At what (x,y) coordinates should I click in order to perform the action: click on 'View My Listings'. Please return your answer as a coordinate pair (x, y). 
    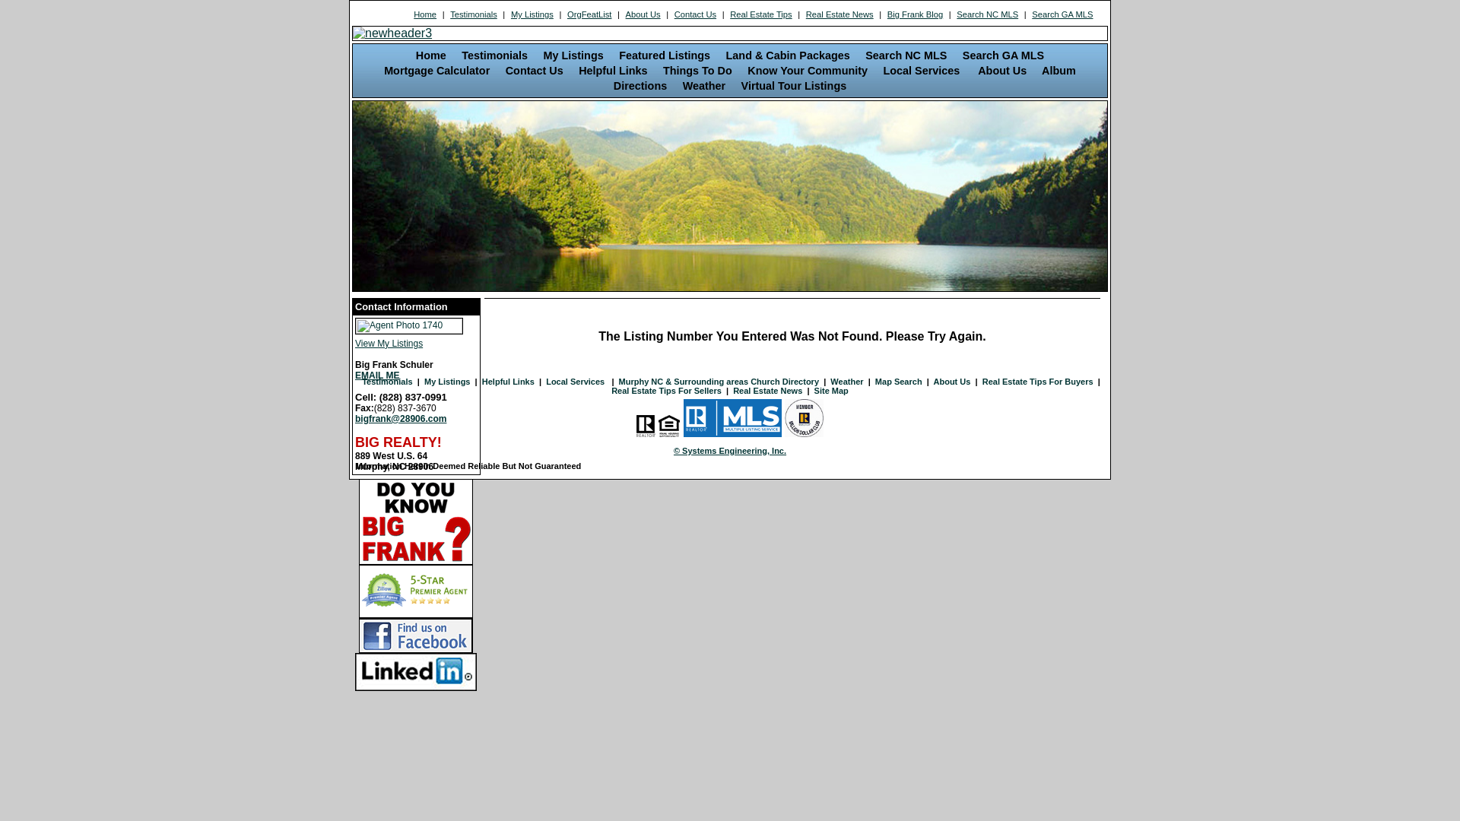
    Looking at the image, I should click on (416, 339).